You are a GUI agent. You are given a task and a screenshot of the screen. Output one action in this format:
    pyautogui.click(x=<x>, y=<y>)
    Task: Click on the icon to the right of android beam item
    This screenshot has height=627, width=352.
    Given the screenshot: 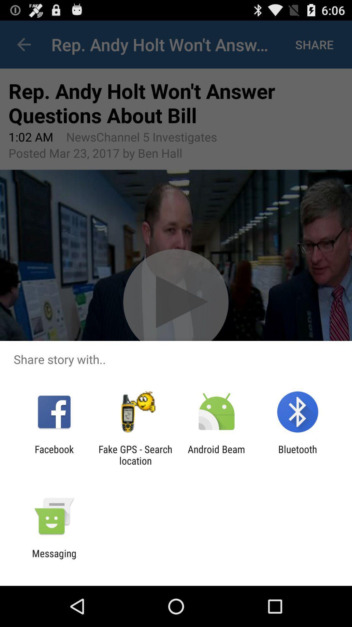 What is the action you would take?
    pyautogui.click(x=298, y=455)
    